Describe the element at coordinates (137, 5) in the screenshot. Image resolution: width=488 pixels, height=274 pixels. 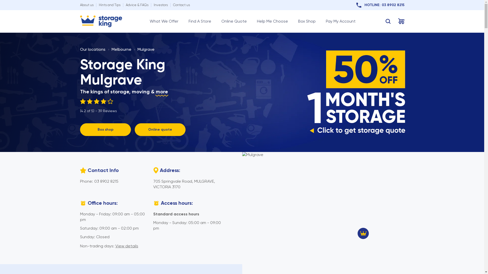
I see `'Advice & FAQs'` at that location.